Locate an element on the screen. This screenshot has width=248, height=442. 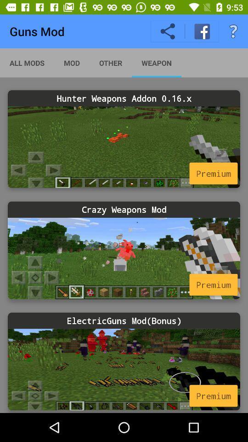
the item to the right of the other is located at coordinates (156, 62).